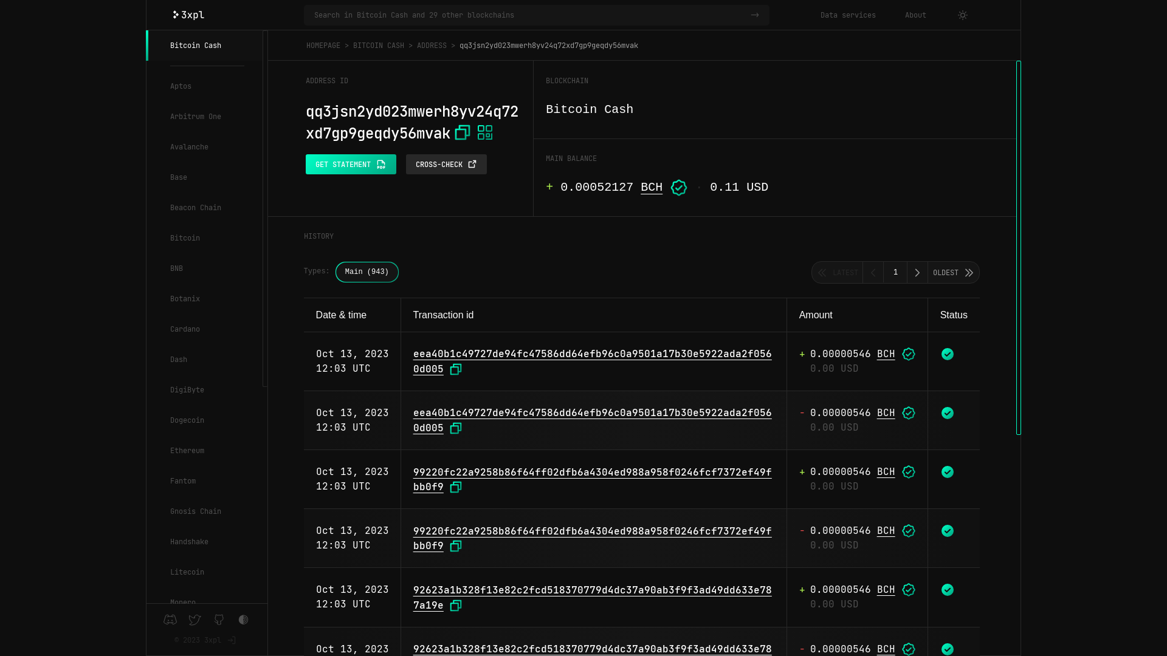 The image size is (1167, 656). Describe the element at coordinates (204, 146) in the screenshot. I see `'Avalanche'` at that location.